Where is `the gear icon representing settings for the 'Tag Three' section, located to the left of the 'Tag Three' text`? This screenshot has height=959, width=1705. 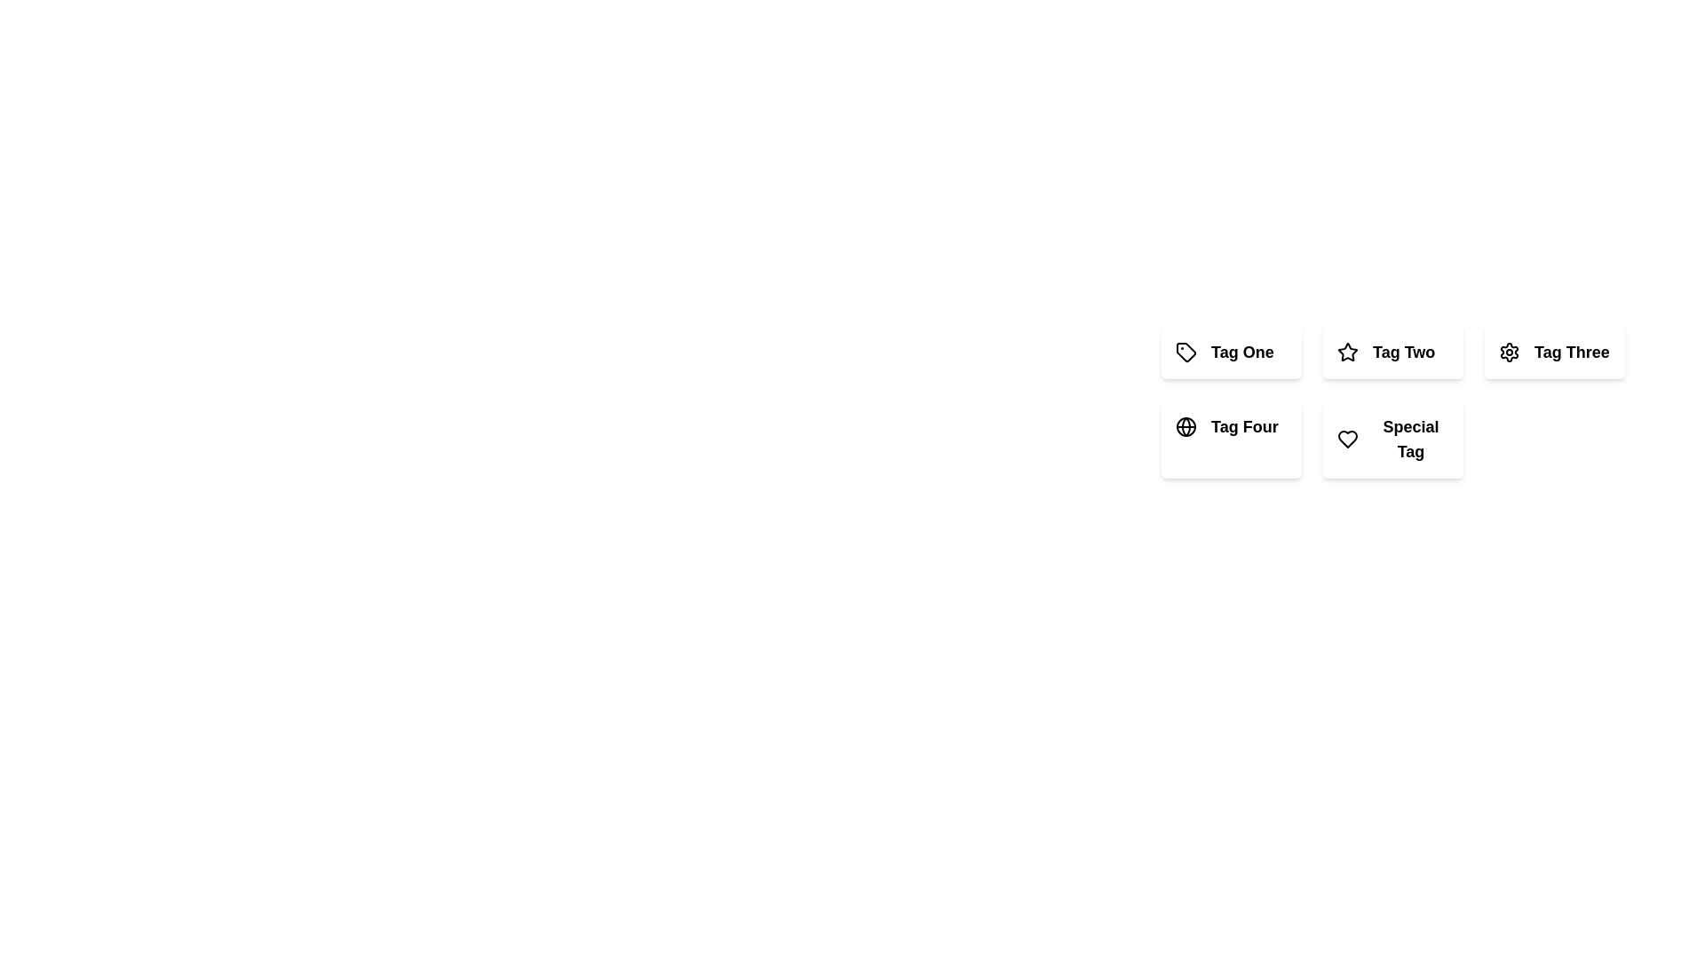
the gear icon representing settings for the 'Tag Three' section, located to the left of the 'Tag Three' text is located at coordinates (1508, 353).